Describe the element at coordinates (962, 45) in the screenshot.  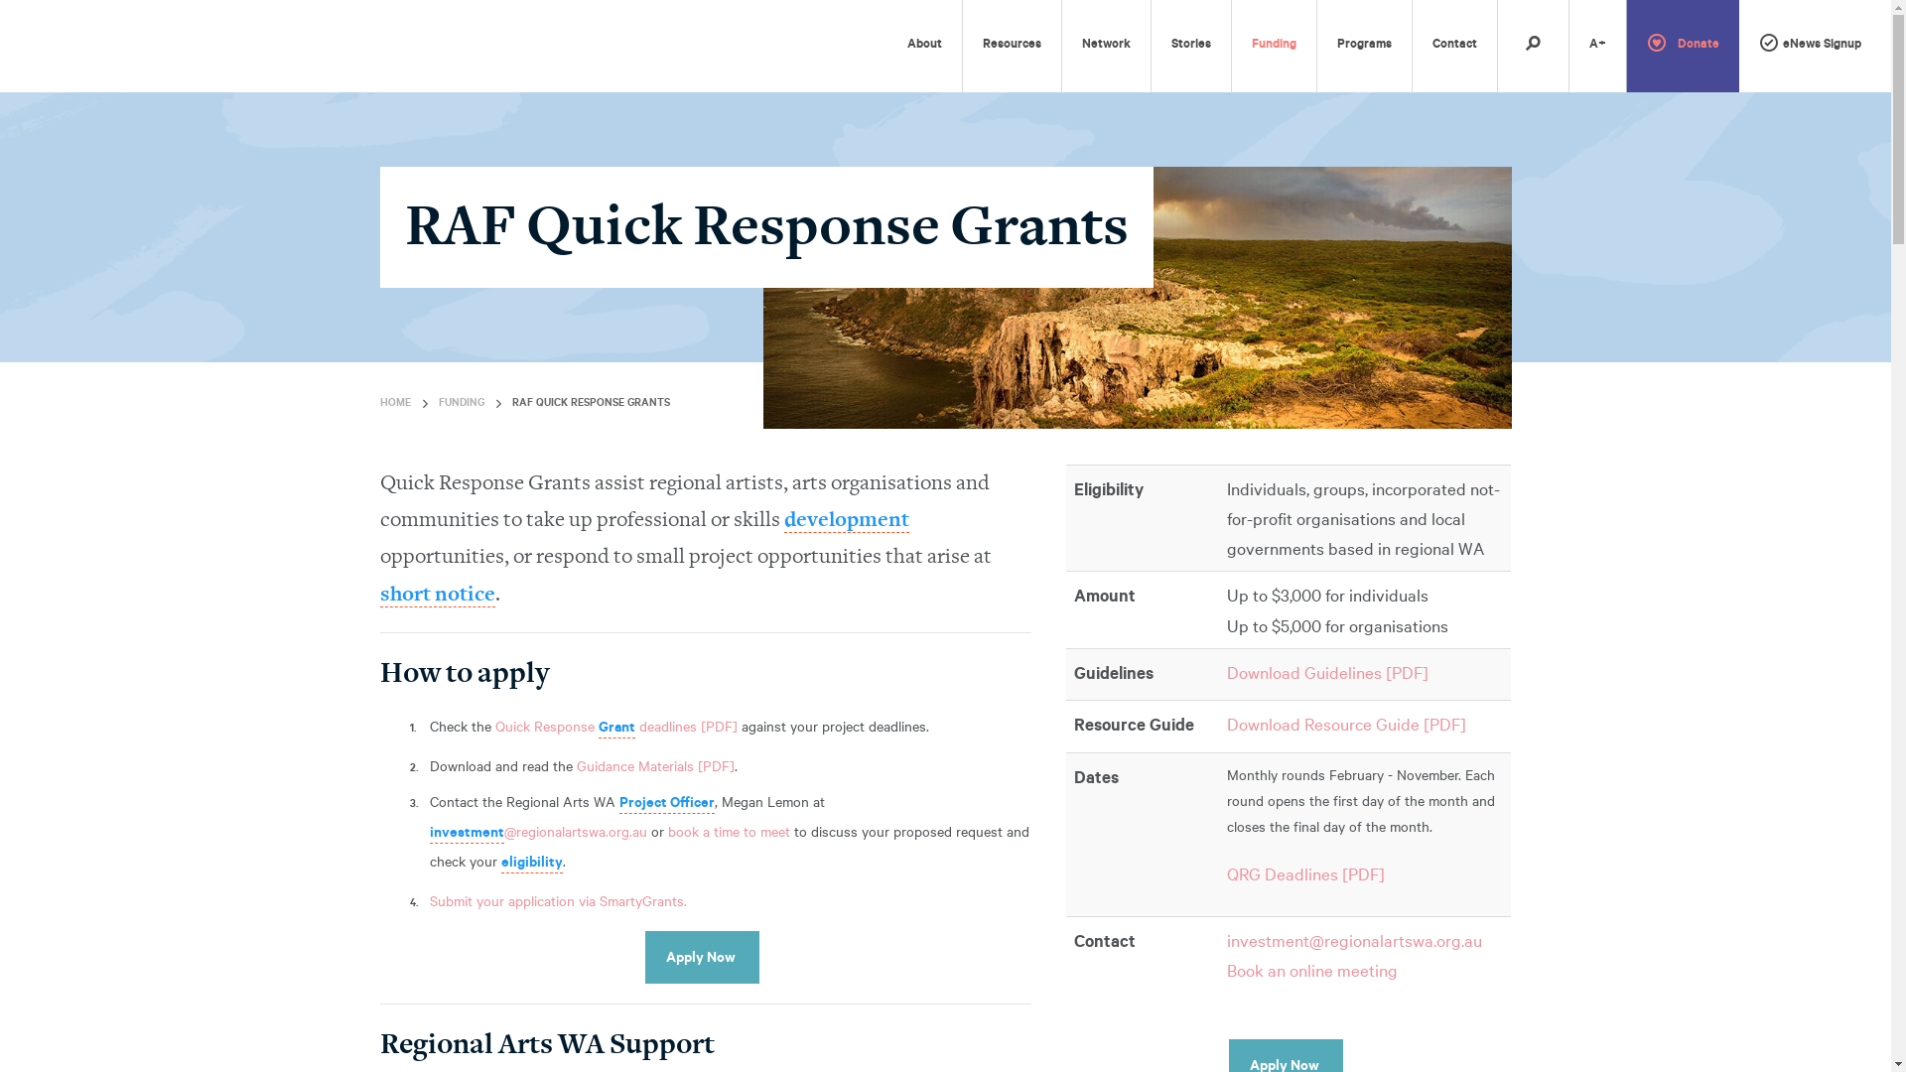
I see `'Resources'` at that location.